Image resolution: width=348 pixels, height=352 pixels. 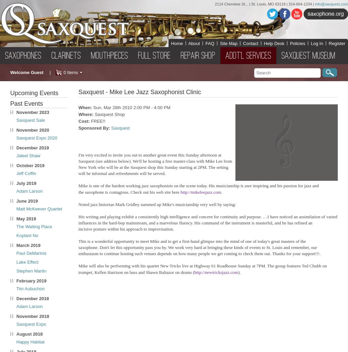 I want to click on 'FAQ', so click(x=209, y=43).